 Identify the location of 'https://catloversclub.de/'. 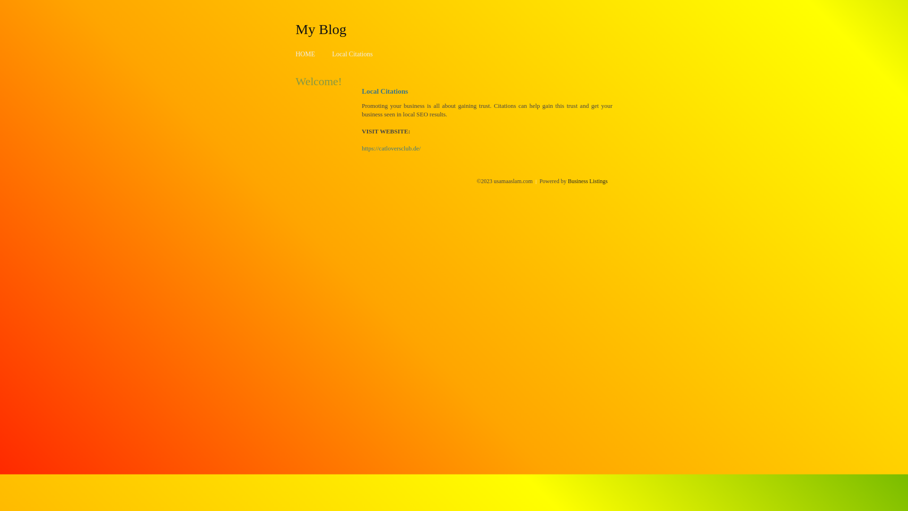
(361, 148).